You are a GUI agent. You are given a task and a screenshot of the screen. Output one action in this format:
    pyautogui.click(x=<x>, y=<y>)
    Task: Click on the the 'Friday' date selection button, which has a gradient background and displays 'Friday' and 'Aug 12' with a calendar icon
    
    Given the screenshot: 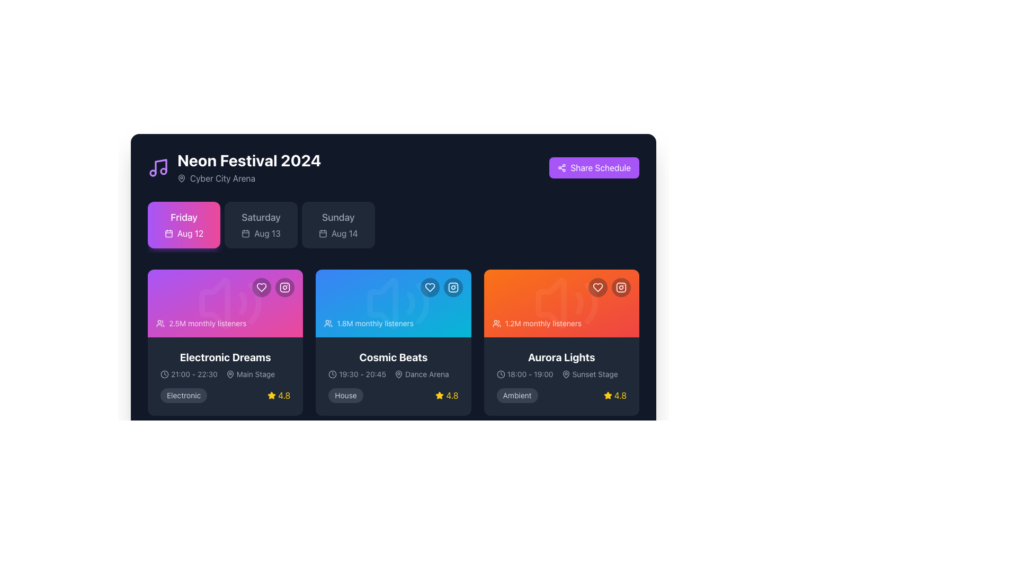 What is the action you would take?
    pyautogui.click(x=184, y=224)
    